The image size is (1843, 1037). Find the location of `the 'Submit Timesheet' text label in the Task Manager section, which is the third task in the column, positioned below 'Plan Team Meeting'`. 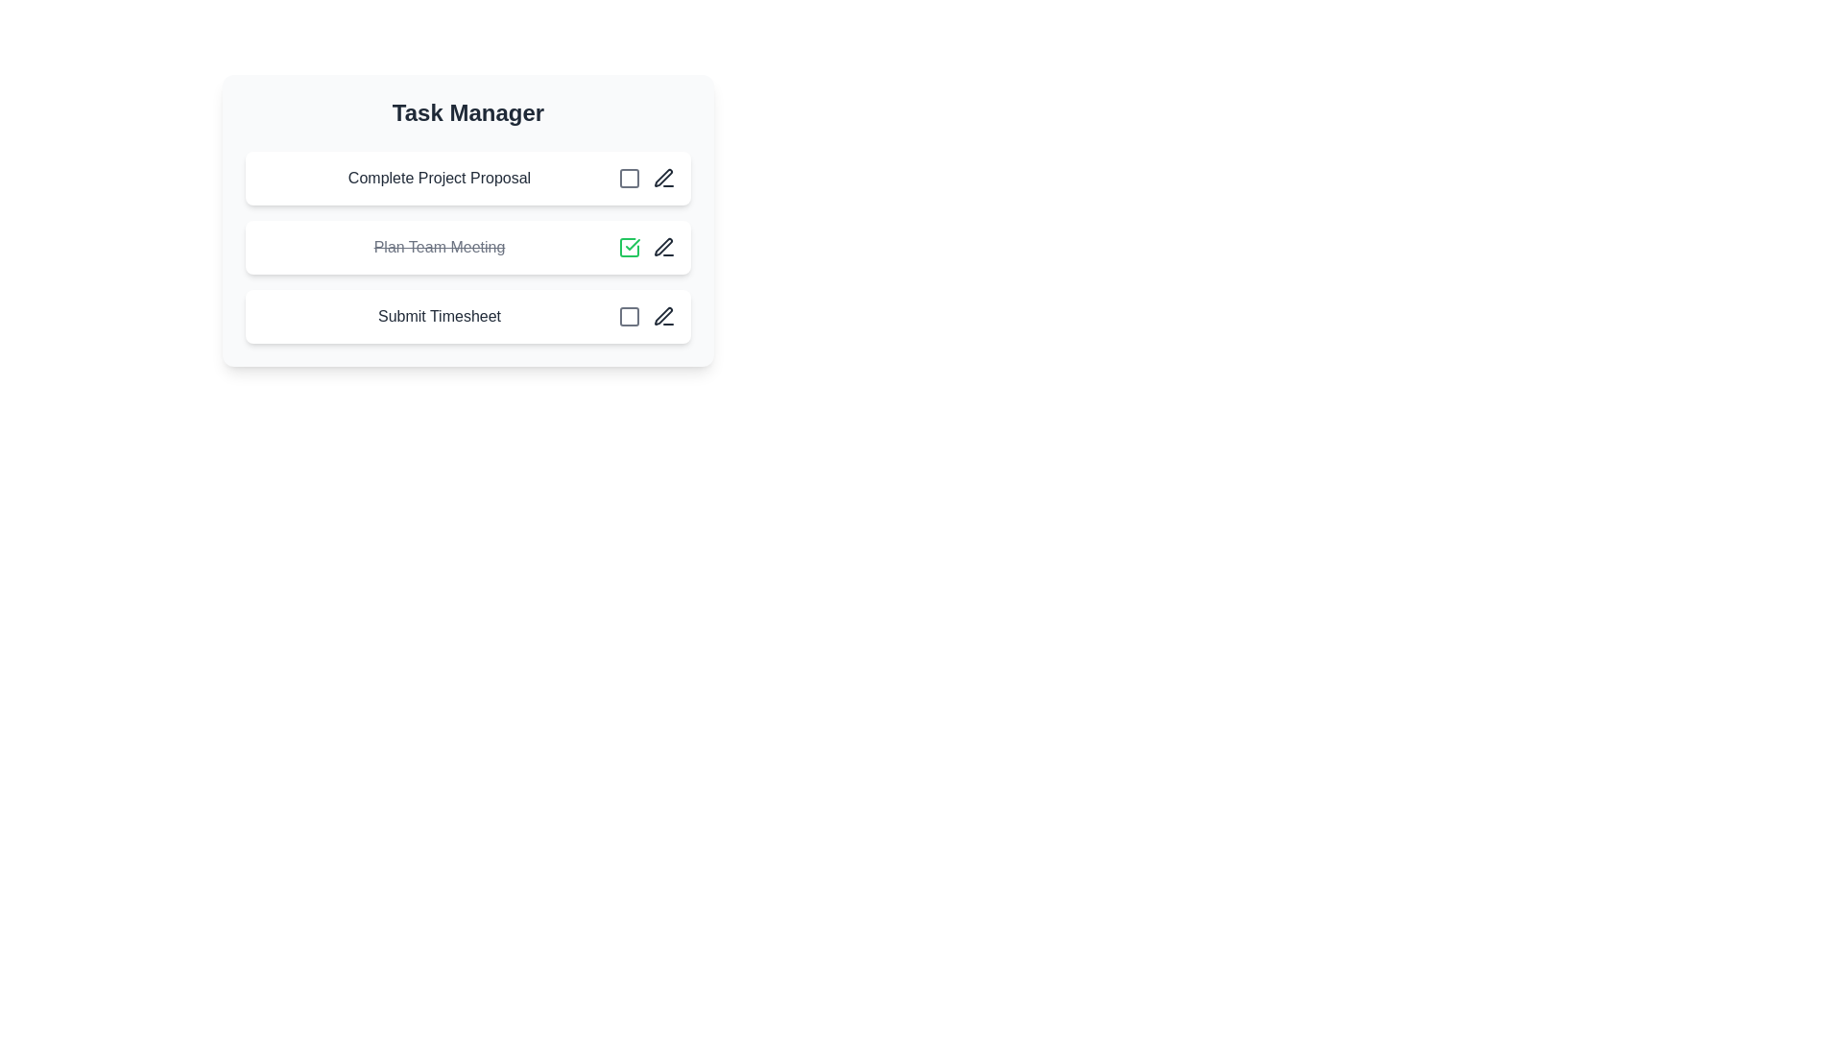

the 'Submit Timesheet' text label in the Task Manager section, which is the third task in the column, positioned below 'Plan Team Meeting' is located at coordinates (438, 316).